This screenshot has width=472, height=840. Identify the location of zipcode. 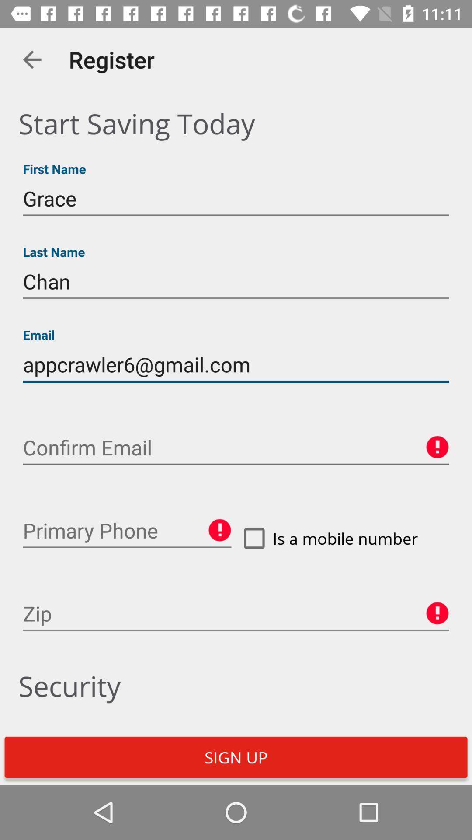
(236, 613).